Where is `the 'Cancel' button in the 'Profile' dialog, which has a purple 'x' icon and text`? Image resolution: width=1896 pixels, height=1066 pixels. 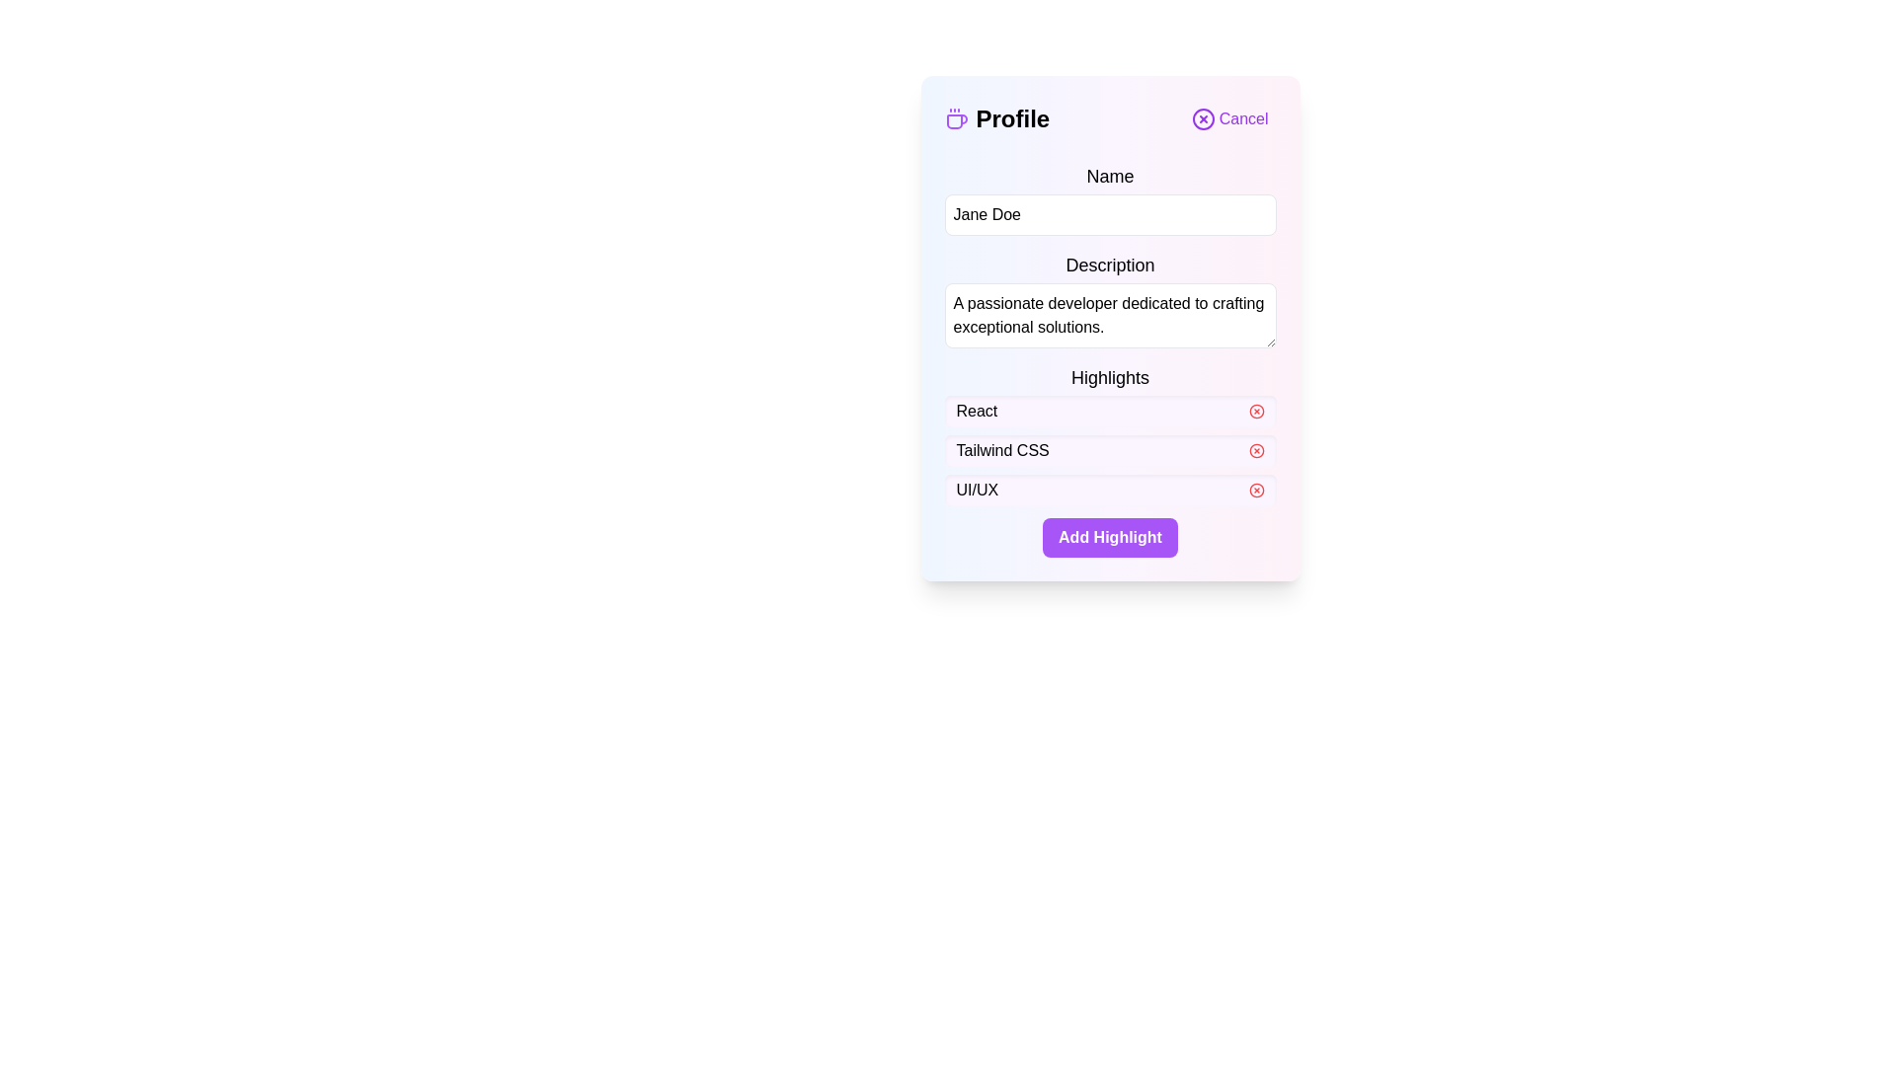 the 'Cancel' button in the 'Profile' dialog, which has a purple 'x' icon and text is located at coordinates (1228, 118).